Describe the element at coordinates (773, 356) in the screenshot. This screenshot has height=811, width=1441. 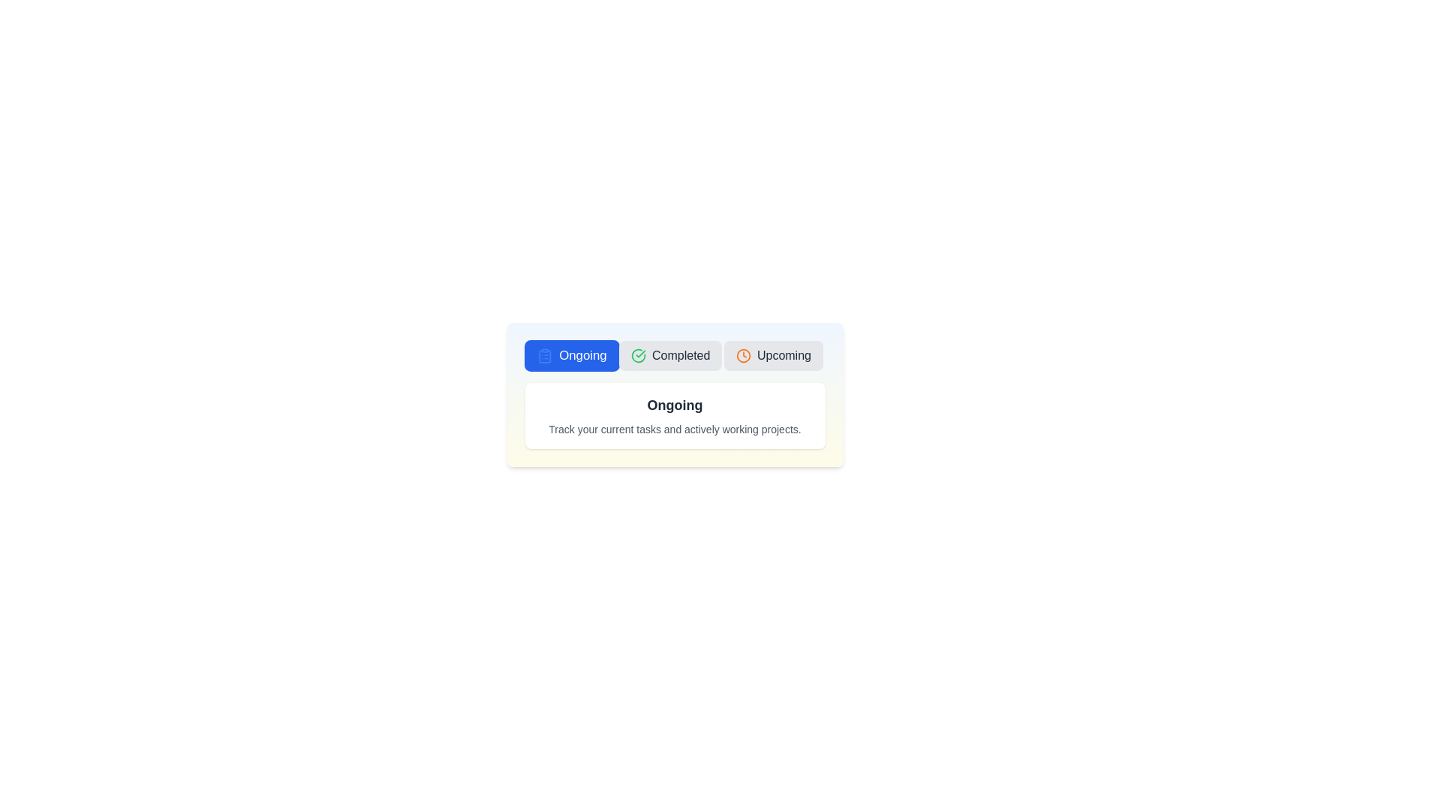
I see `the 'Upcoming' tab to view upcoming tasks` at that location.